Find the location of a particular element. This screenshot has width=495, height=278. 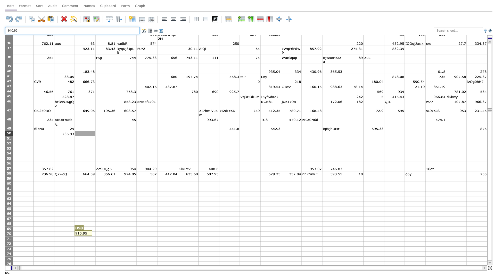

fill handle of E70 is located at coordinates (116, 236).